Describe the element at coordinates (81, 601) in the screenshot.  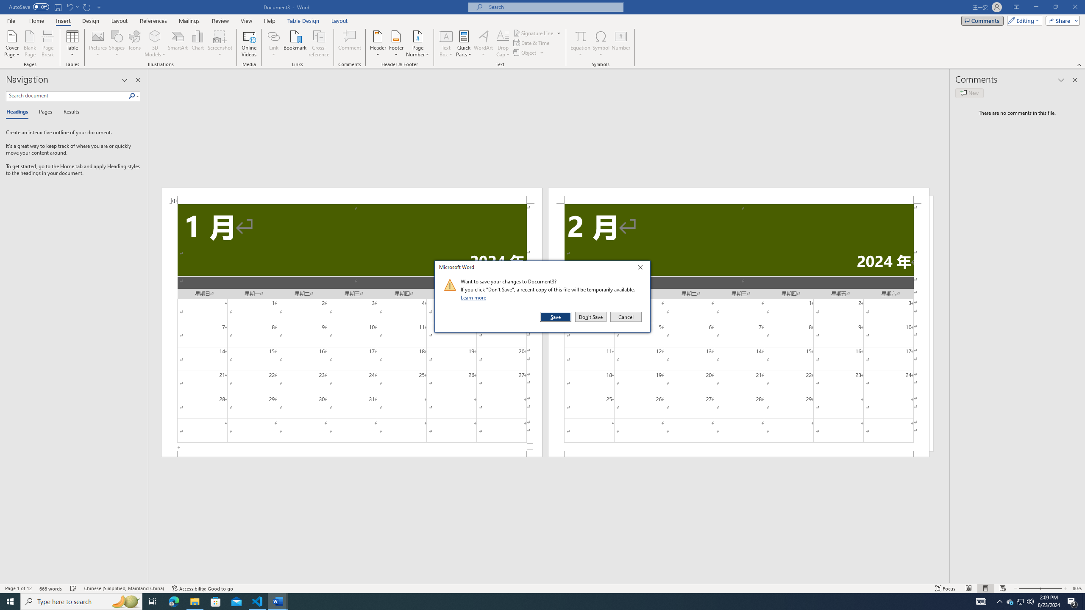
I see `'Type here to search'` at that location.